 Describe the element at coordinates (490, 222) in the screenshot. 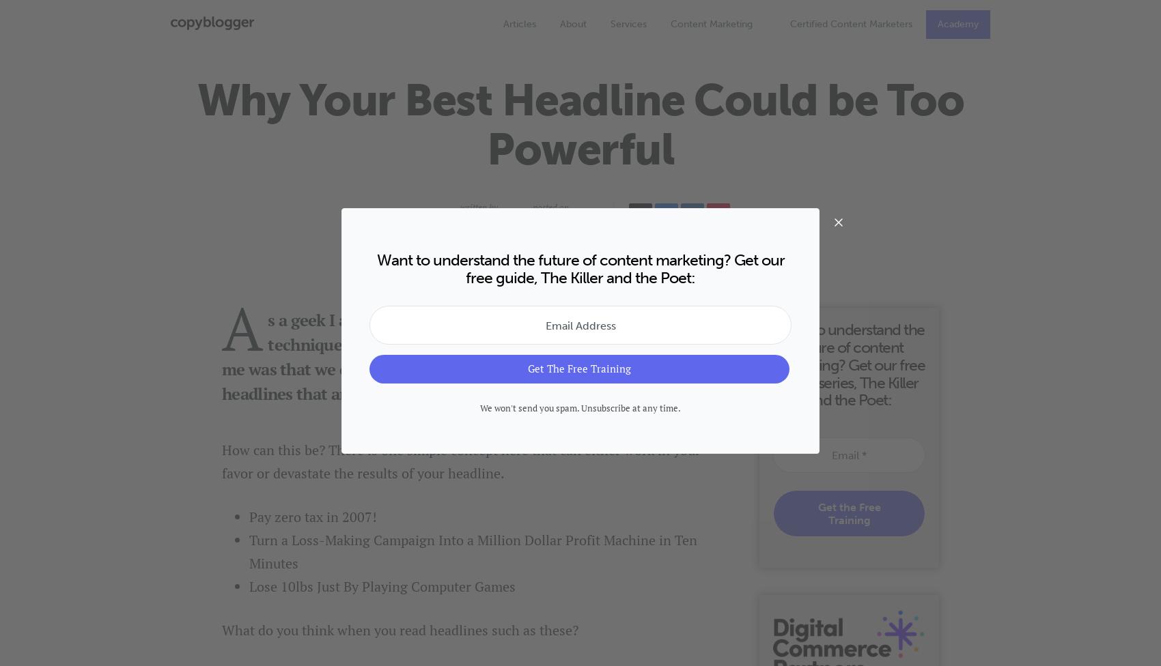

I see `'Chris Garrett'` at that location.